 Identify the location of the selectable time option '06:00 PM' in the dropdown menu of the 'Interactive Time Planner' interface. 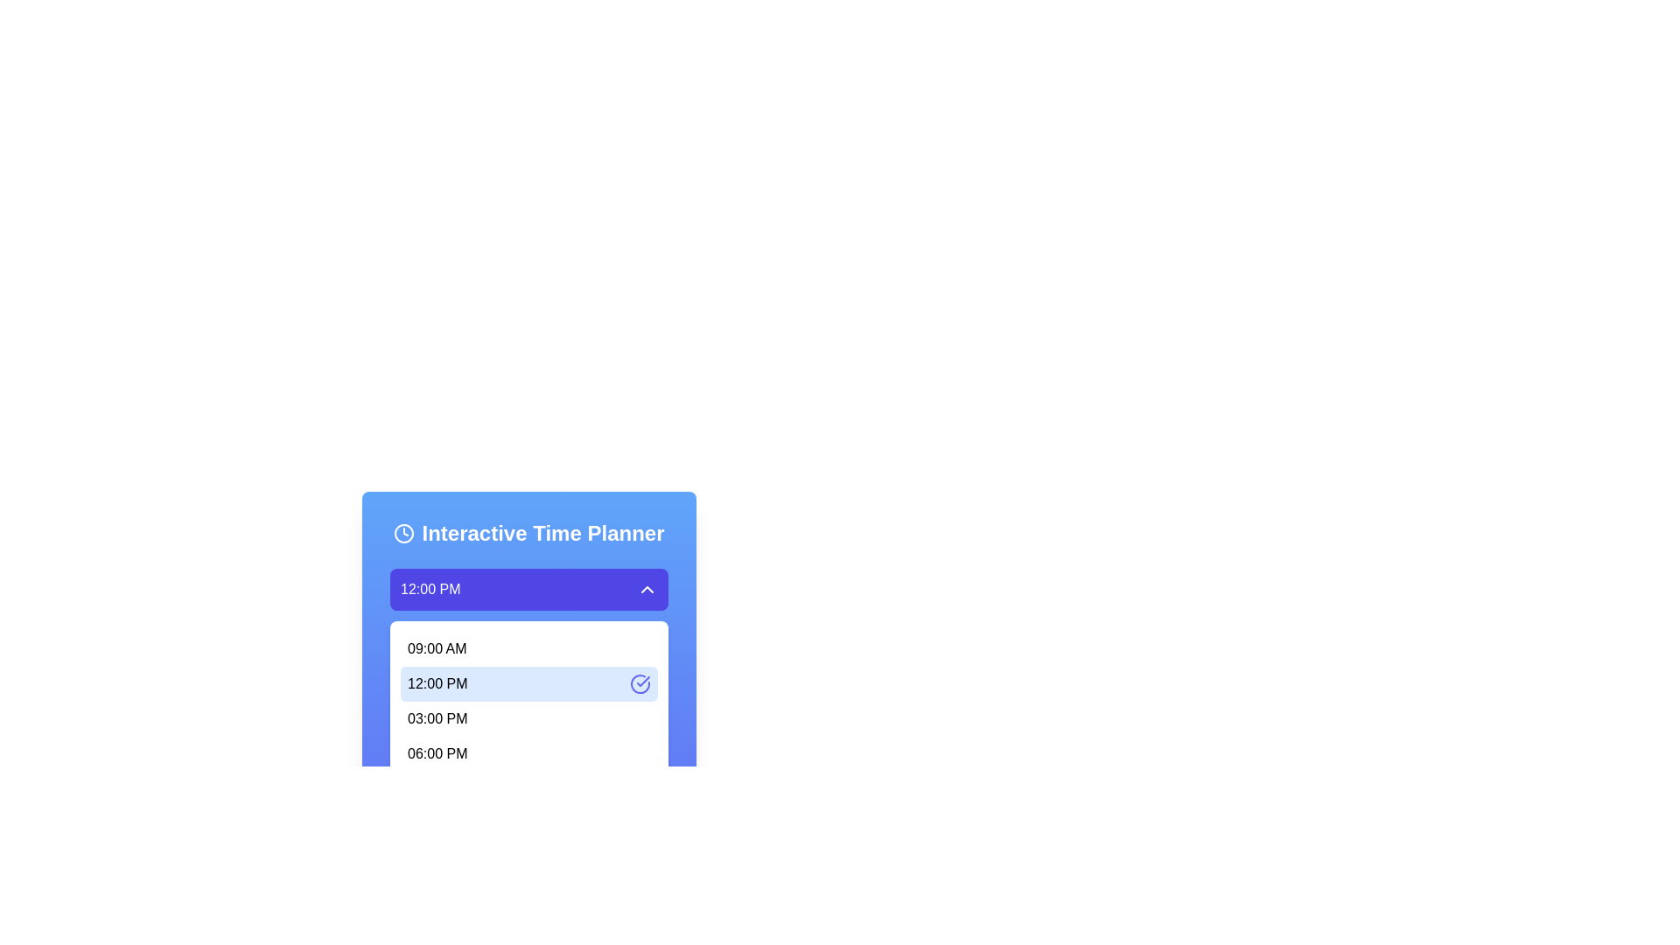
(528, 752).